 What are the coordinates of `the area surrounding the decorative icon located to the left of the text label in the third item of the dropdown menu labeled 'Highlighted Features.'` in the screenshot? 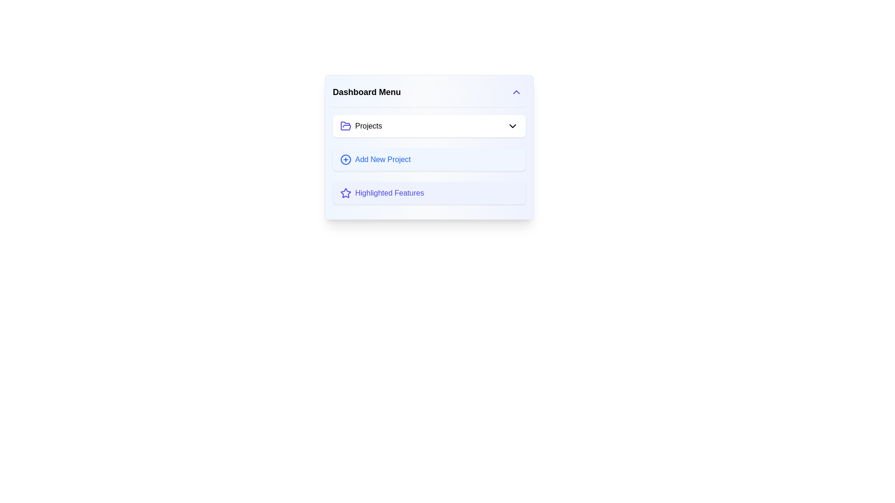 It's located at (345, 193).